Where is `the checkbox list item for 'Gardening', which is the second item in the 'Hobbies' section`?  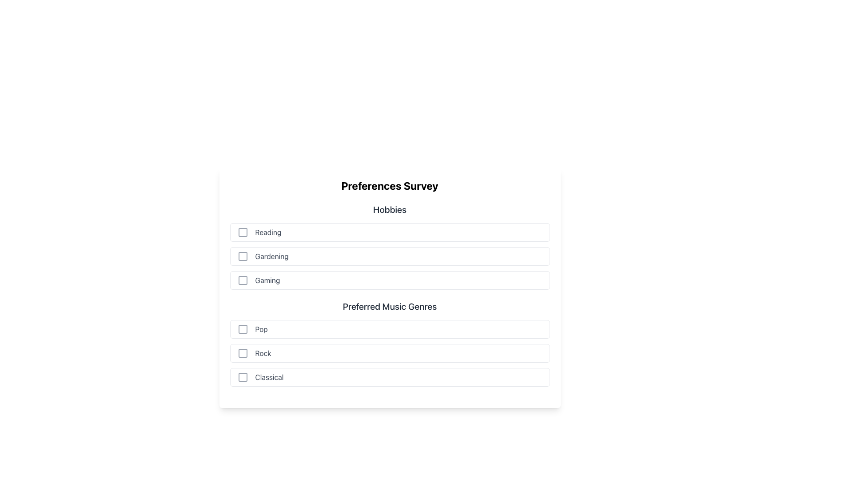
the checkbox list item for 'Gardening', which is the second item in the 'Hobbies' section is located at coordinates (390, 256).